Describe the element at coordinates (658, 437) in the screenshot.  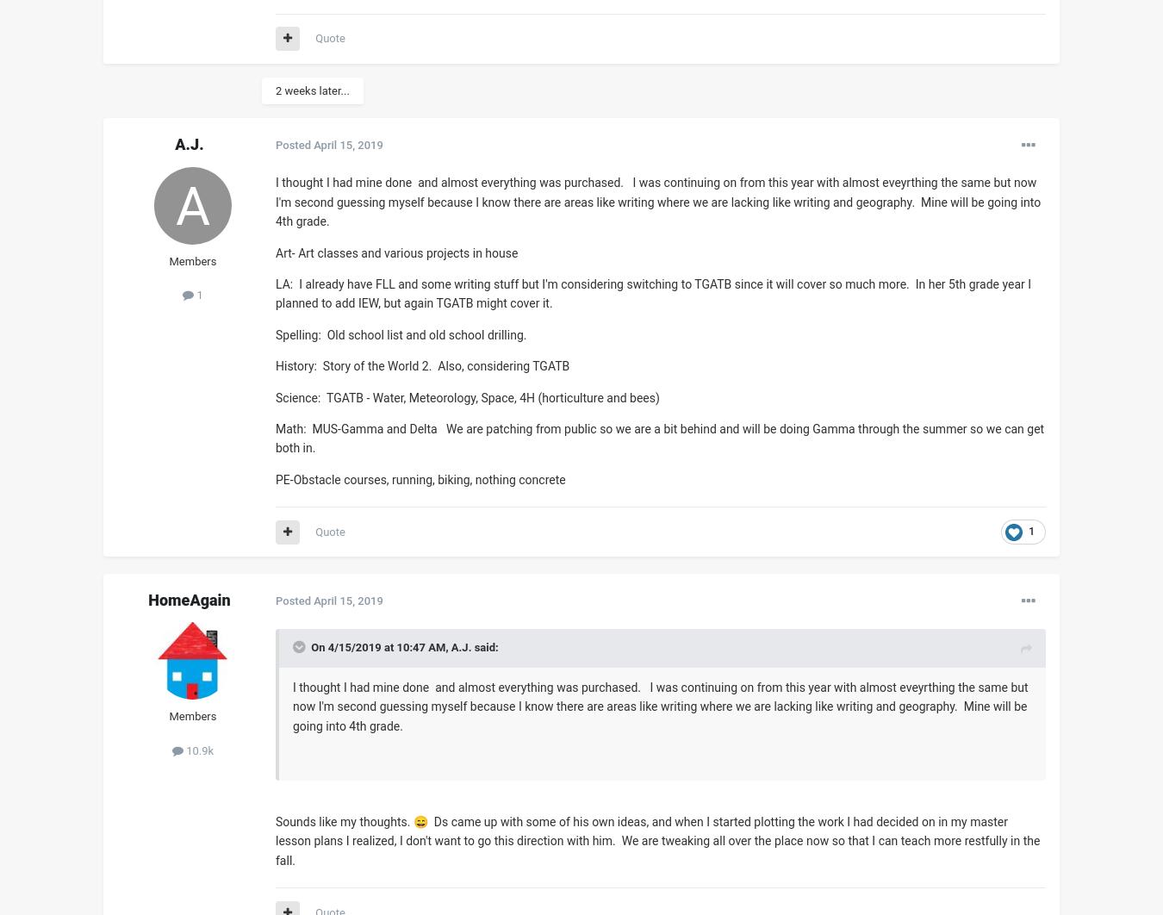
I see `'Math:  MUS-Gamma and Delta   We are patching from public so we are a bit behind and will be doing Gamma through the summer so we can get both in.'` at that location.